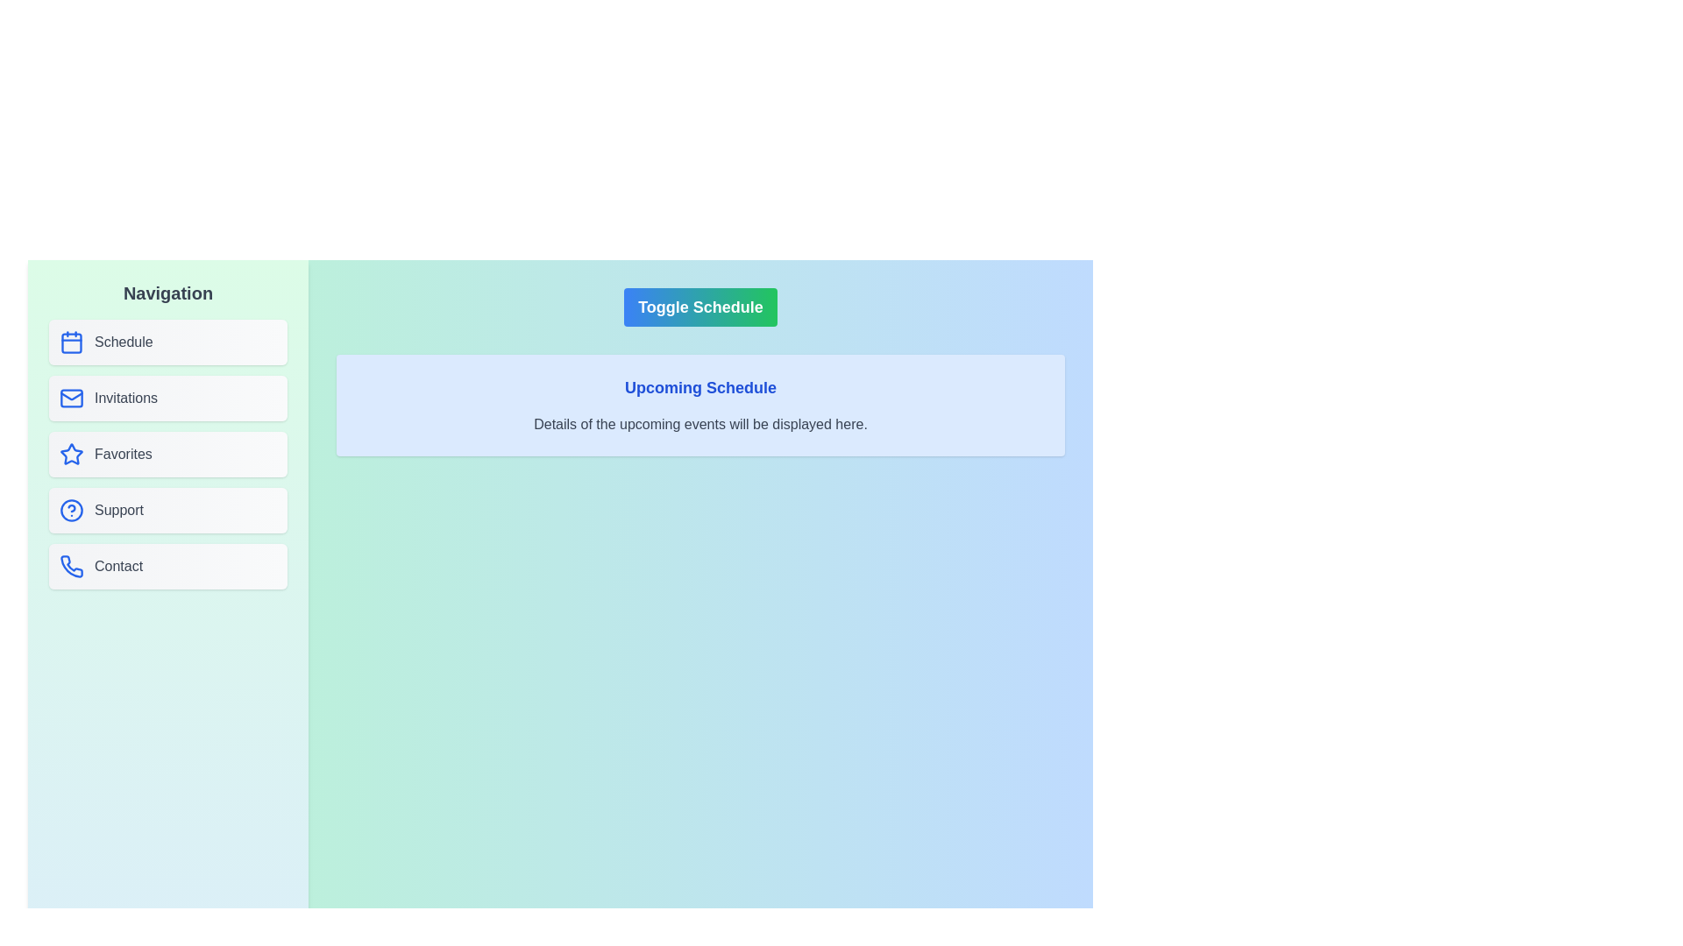 This screenshot has height=946, width=1683. Describe the element at coordinates (168, 454) in the screenshot. I see `the Favorites button in the sidebar to navigate to the corresponding section` at that location.